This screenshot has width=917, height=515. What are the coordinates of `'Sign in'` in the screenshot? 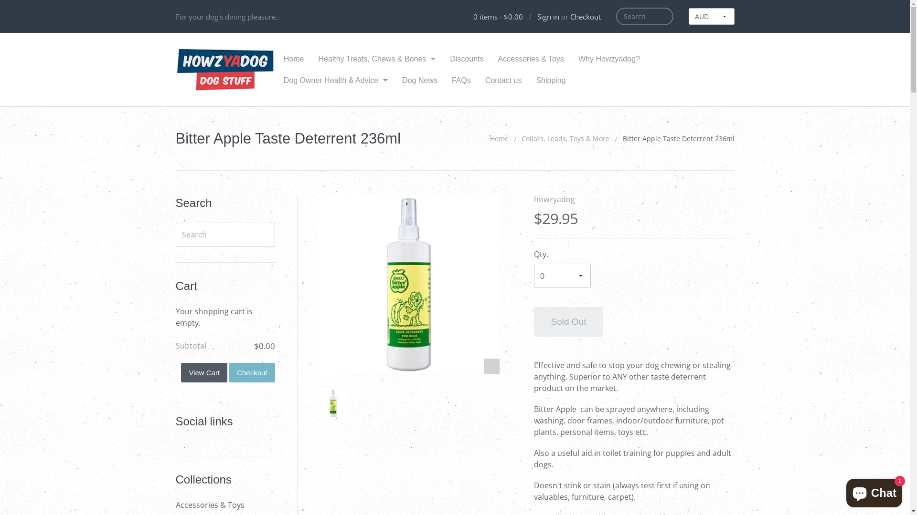 It's located at (548, 16).